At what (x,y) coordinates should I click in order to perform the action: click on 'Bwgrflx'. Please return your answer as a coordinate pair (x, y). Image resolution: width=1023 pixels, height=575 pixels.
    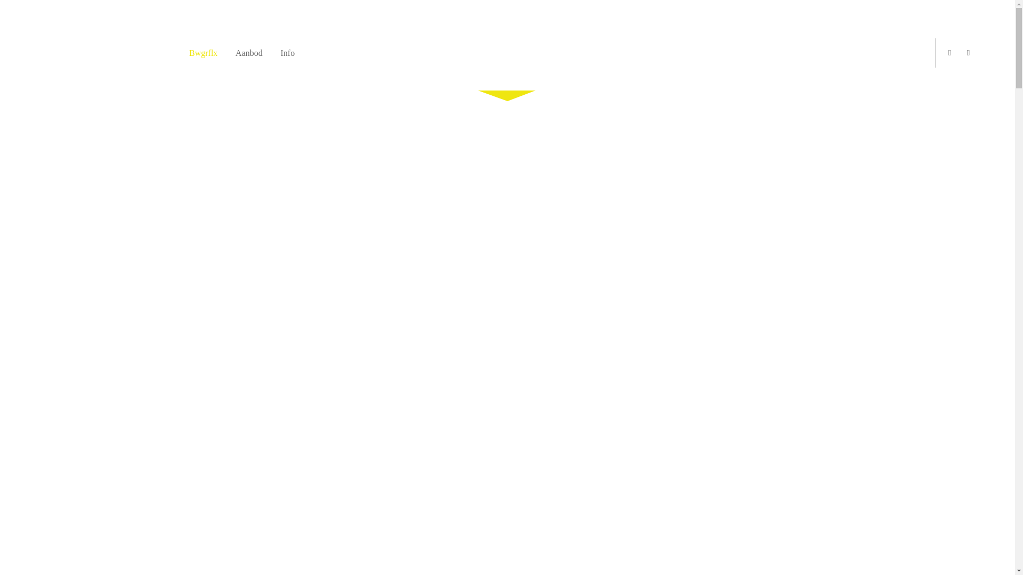
    Looking at the image, I should click on (203, 53).